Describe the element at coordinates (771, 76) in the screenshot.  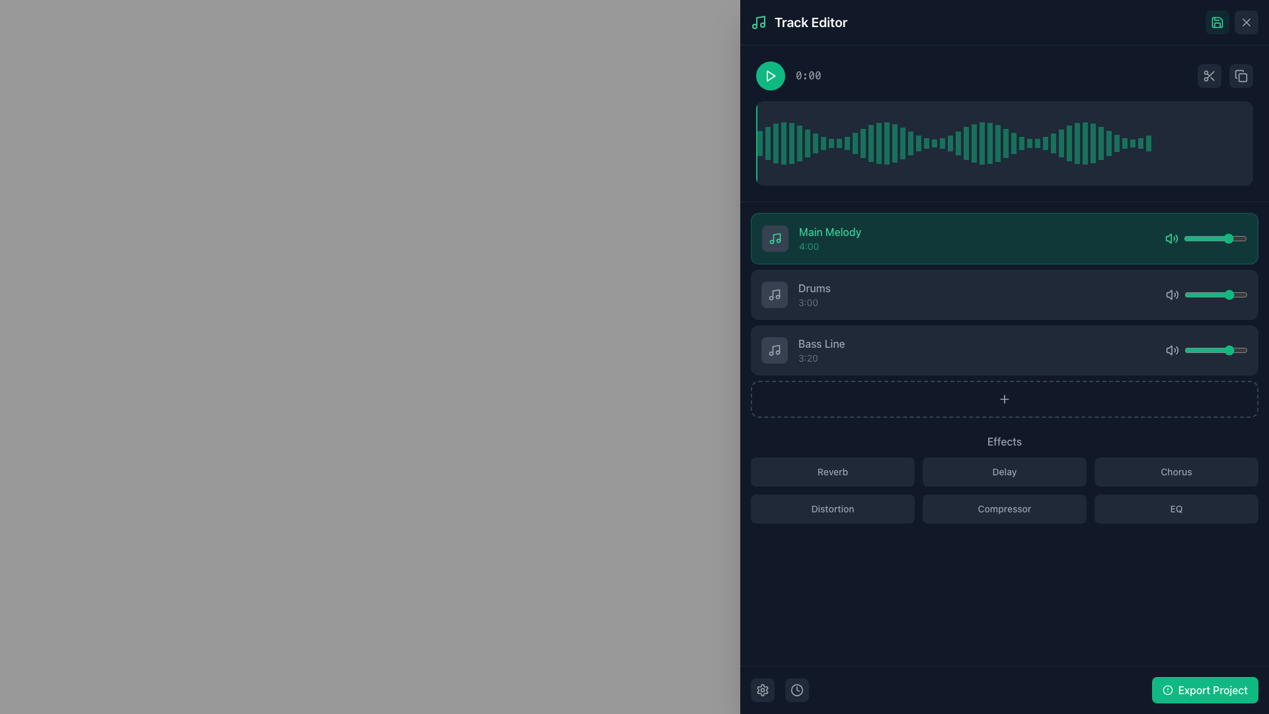
I see `the play button icon located near the top-left corner of the track editor interface` at that location.